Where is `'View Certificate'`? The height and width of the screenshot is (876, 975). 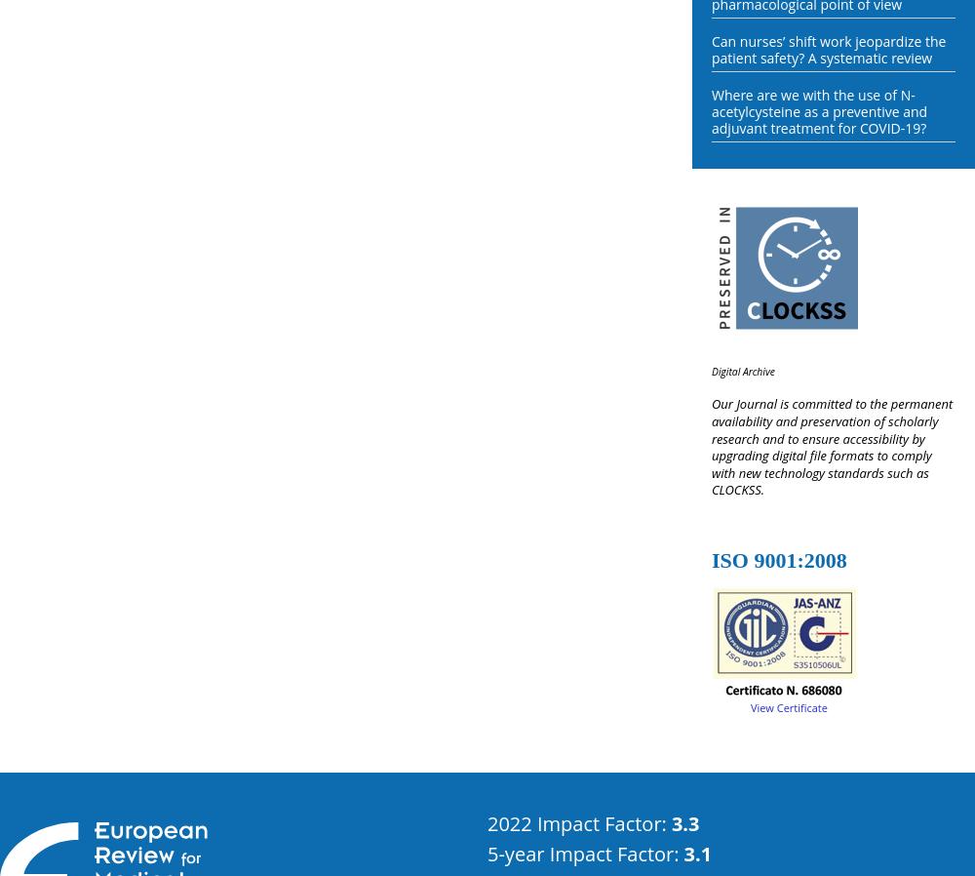
'View Certificate' is located at coordinates (751, 706).